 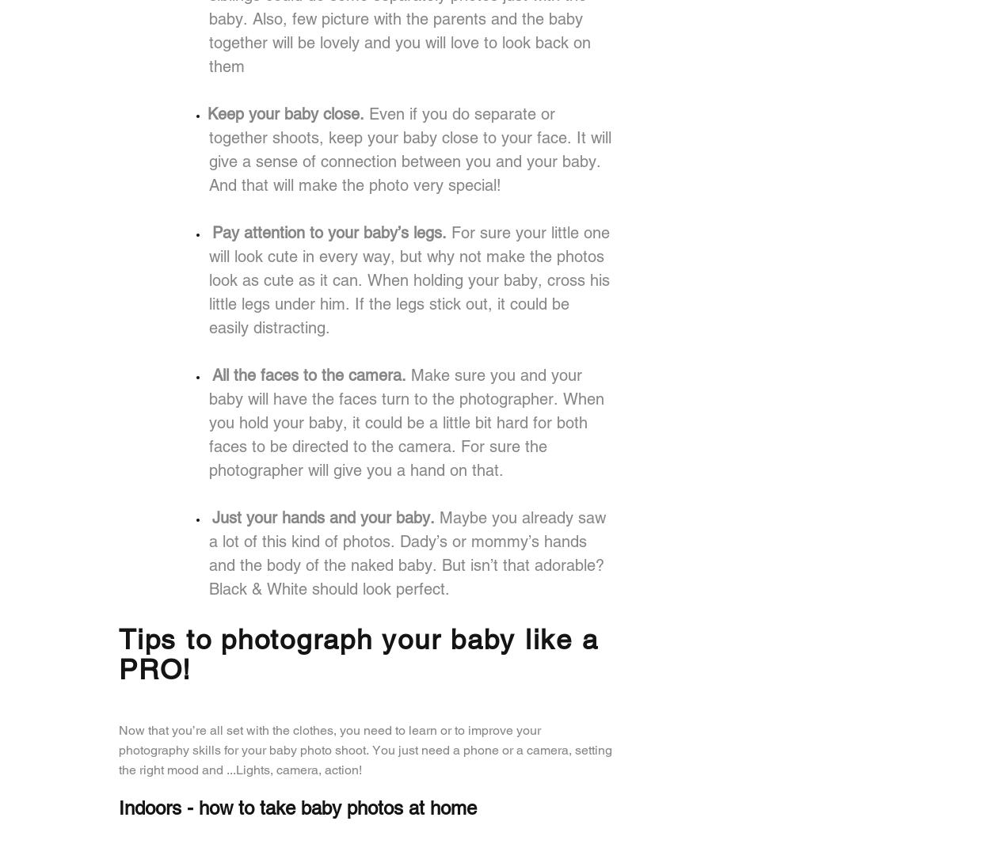 I want to click on 'Pay attention to your baby’s legs.', so click(x=332, y=232).